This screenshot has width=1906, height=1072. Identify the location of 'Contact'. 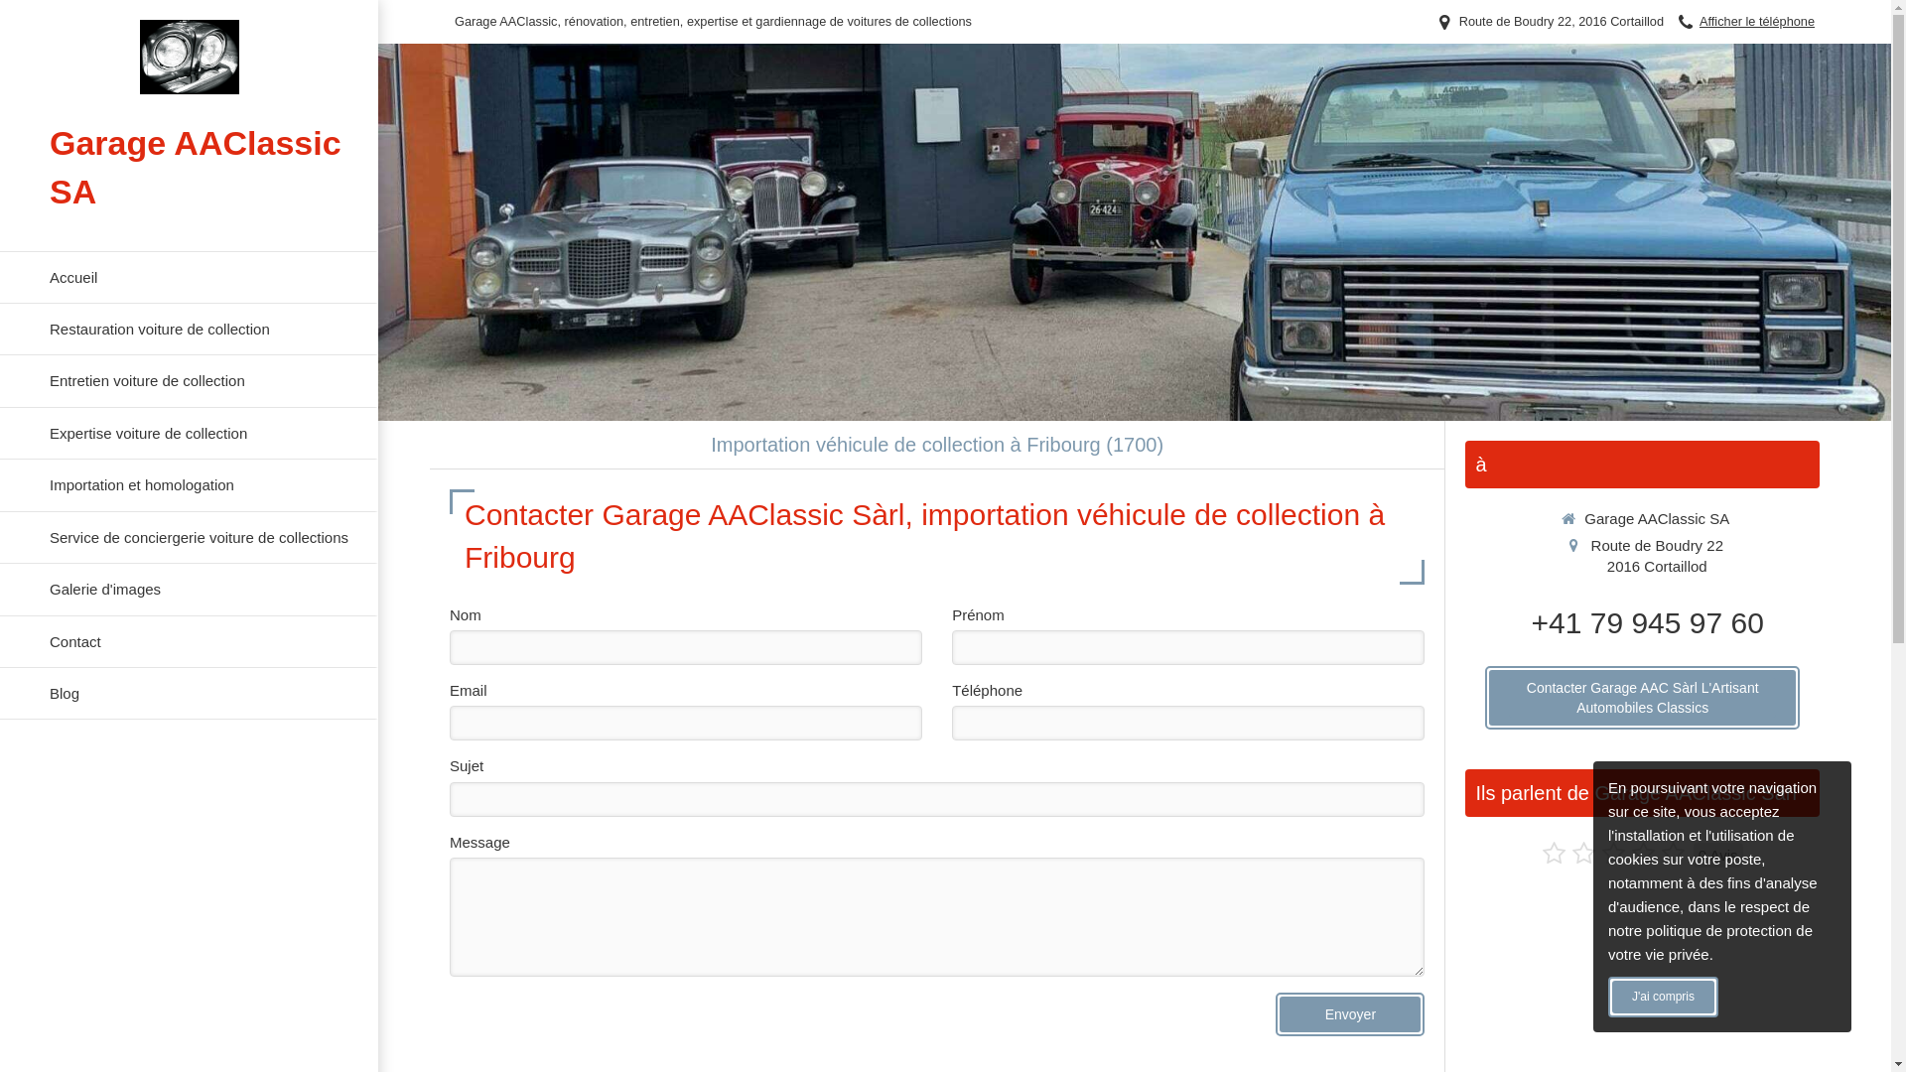
(189, 640).